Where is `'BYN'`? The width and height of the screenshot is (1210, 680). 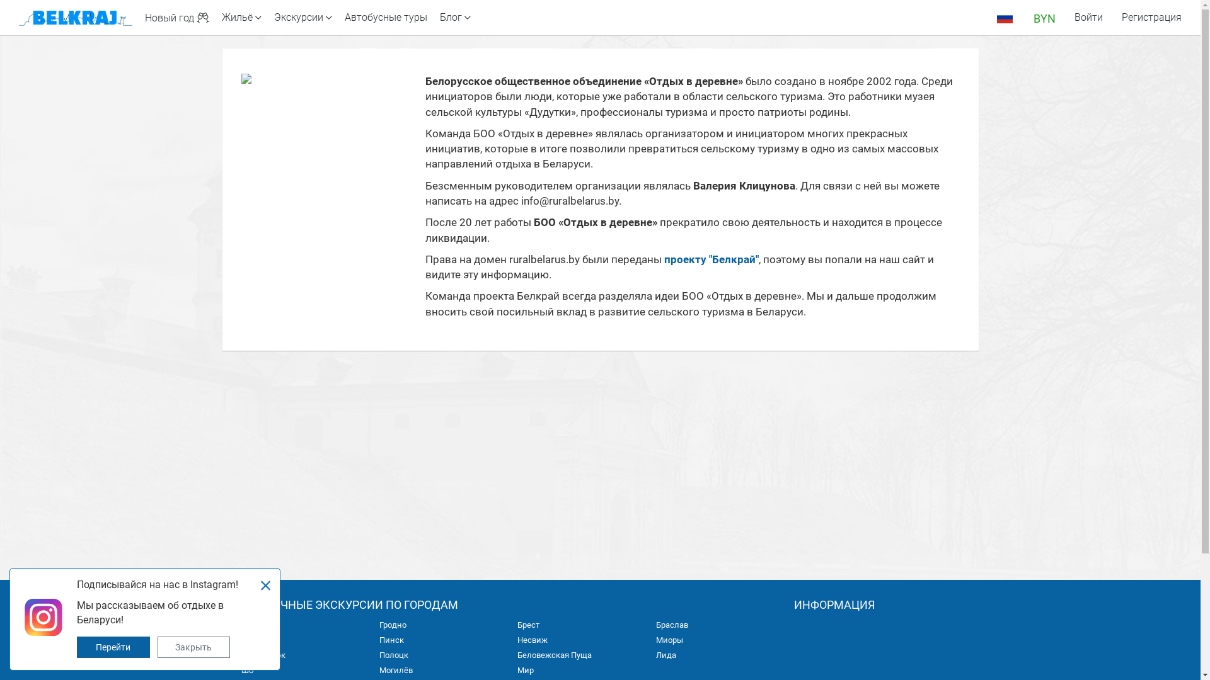 'BYN' is located at coordinates (1044, 17).